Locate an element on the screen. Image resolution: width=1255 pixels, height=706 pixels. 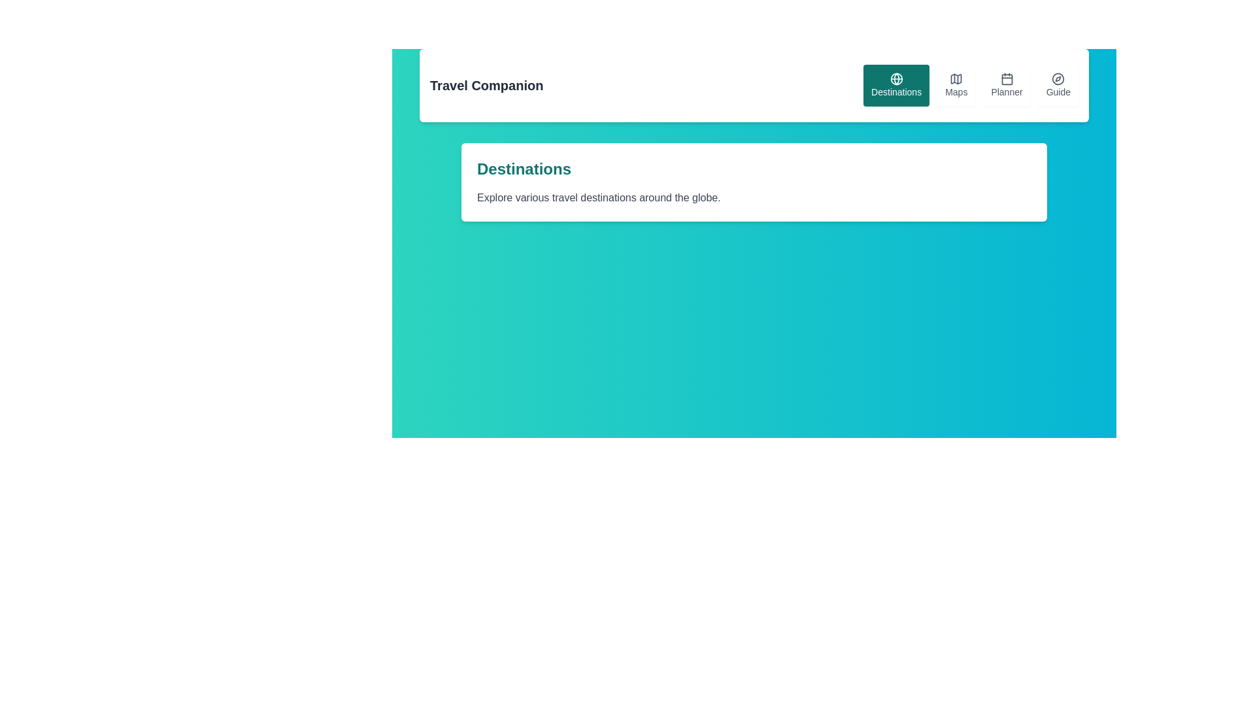
the text heading that serves as the title of the section highlighting various travel destinations, located at the top-left corner of a white, rounded-corner card is located at coordinates (524, 173).